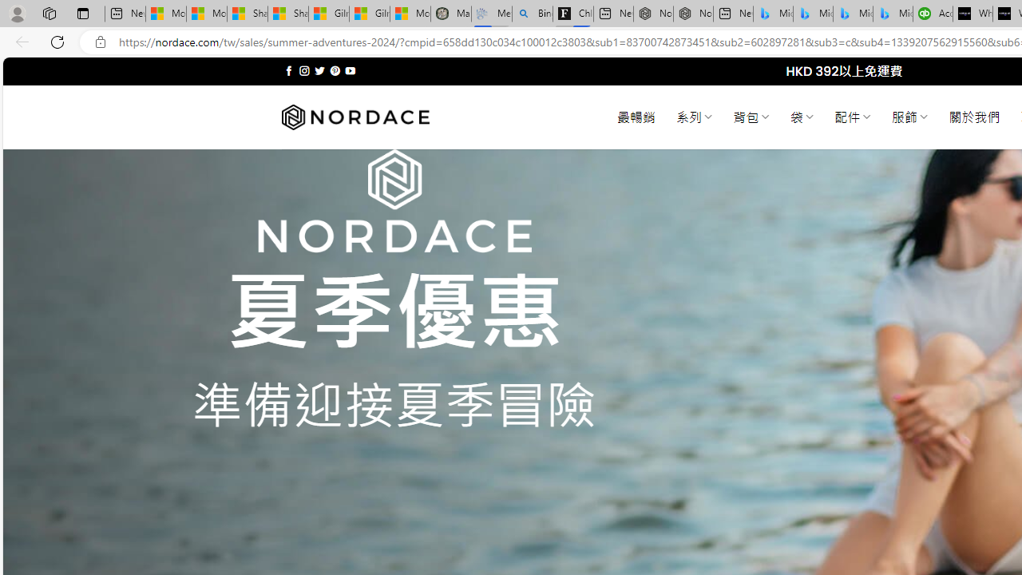 This screenshot has width=1022, height=575. What do you see at coordinates (49, 13) in the screenshot?
I see `'Workspaces'` at bounding box center [49, 13].